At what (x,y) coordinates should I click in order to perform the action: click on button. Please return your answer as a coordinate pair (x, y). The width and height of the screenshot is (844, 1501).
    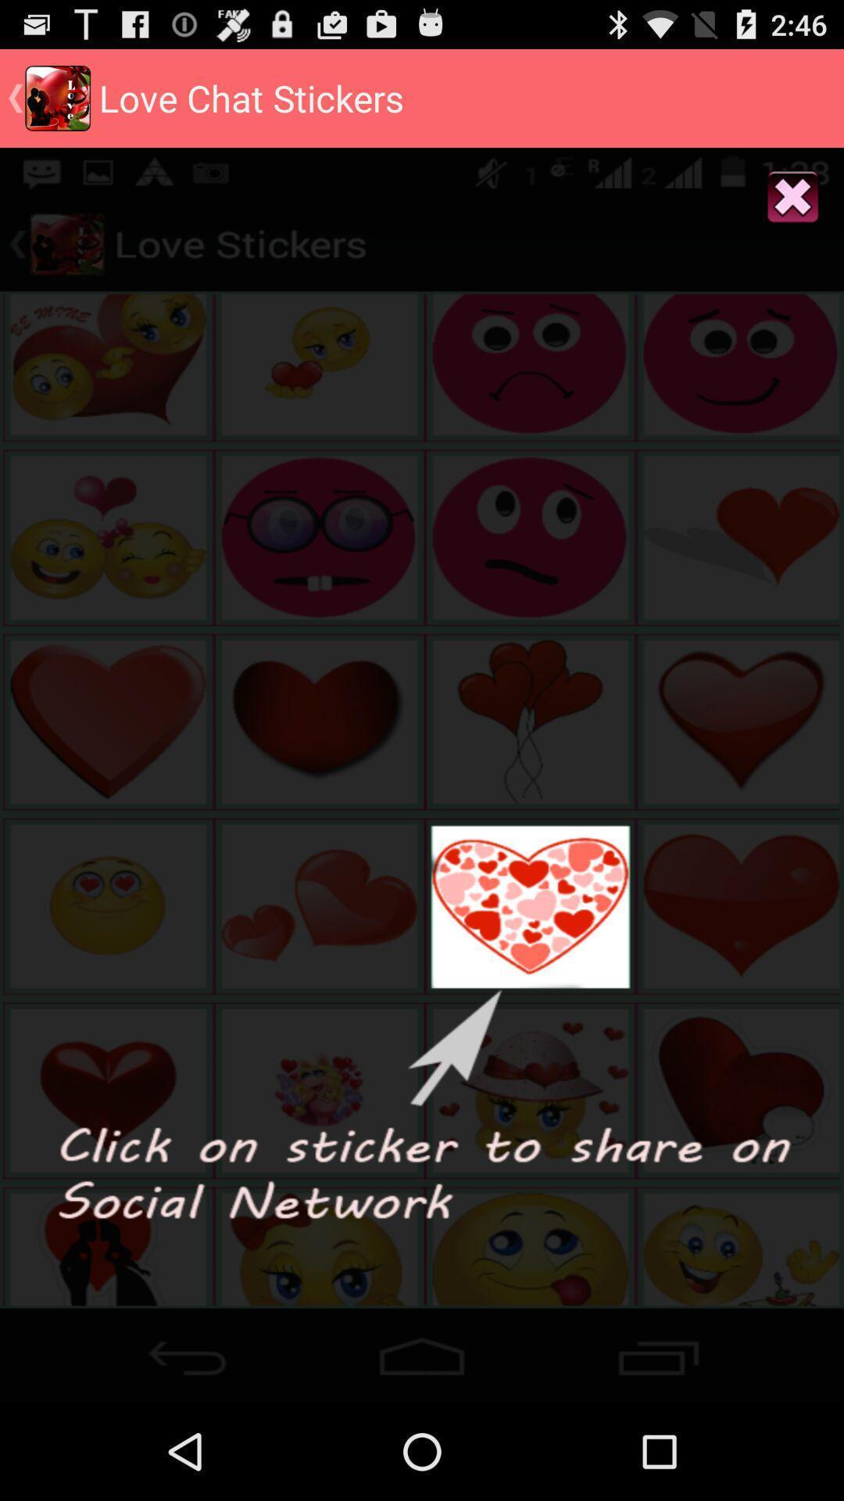
    Looking at the image, I should click on (793, 197).